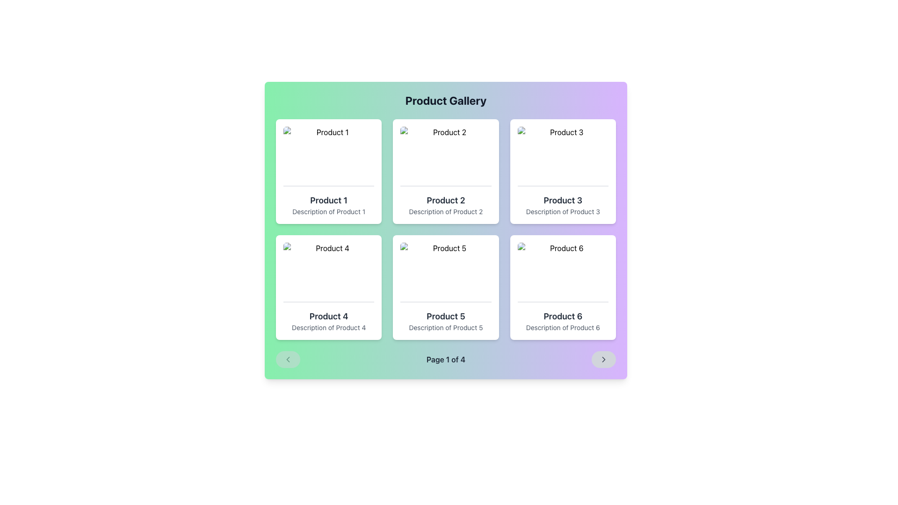 The width and height of the screenshot is (898, 505). What do you see at coordinates (329, 327) in the screenshot?
I see `the text label providing additional descriptive information for 'Product 4', positioned directly below the product title` at bounding box center [329, 327].